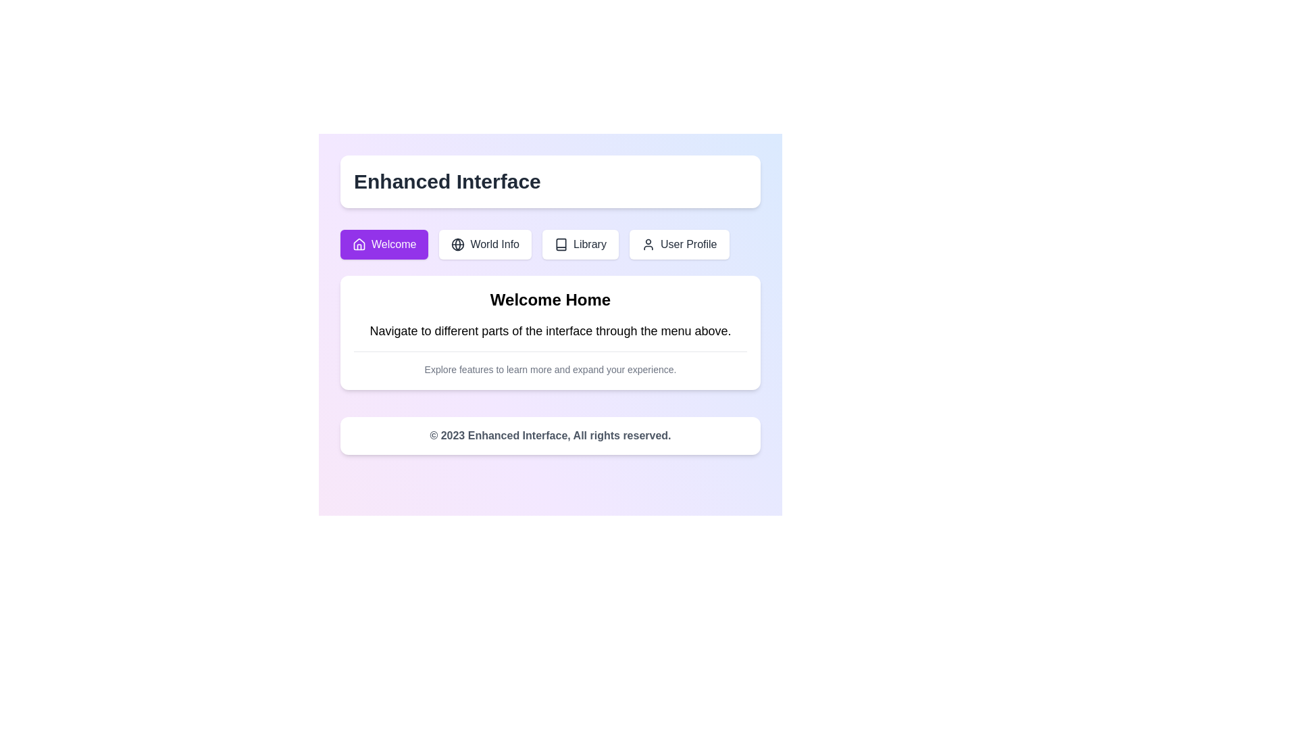  What do you see at coordinates (561, 244) in the screenshot?
I see `the 'Library' icon located to the left of the text label 'Library' in the horizontal menu bar at the top-center section of the interface` at bounding box center [561, 244].